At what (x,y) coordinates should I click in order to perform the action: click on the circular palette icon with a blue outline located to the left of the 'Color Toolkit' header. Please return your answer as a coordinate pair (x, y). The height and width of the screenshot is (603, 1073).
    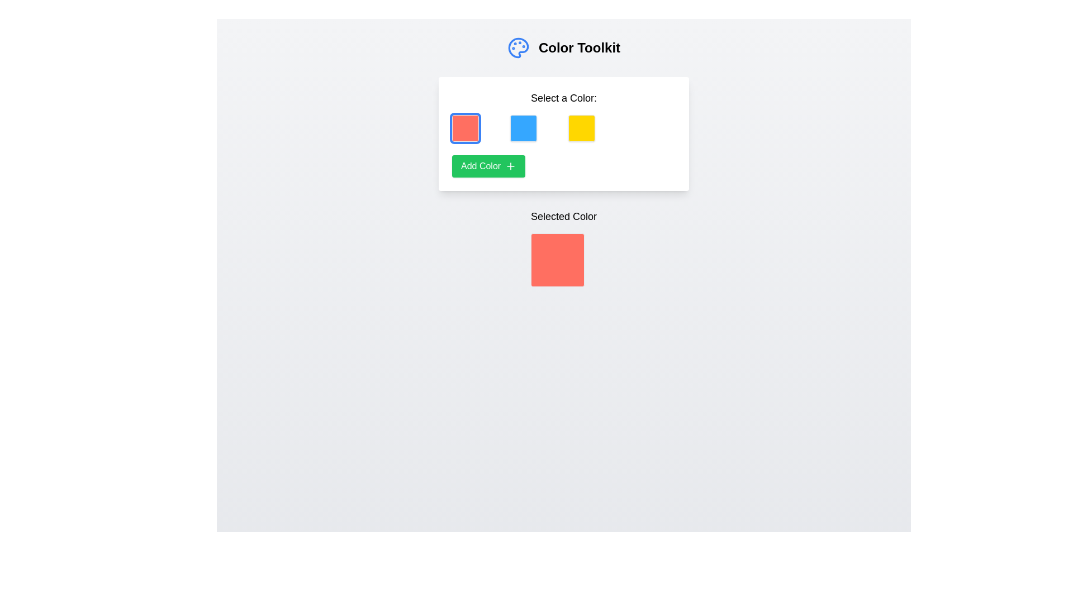
    Looking at the image, I should click on (517, 47).